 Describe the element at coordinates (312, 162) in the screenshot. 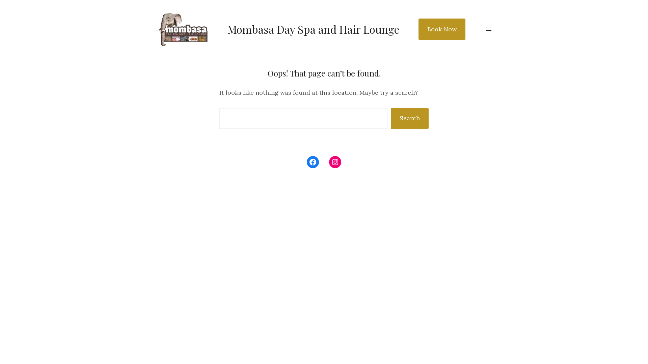

I see `'Facebook'` at that location.